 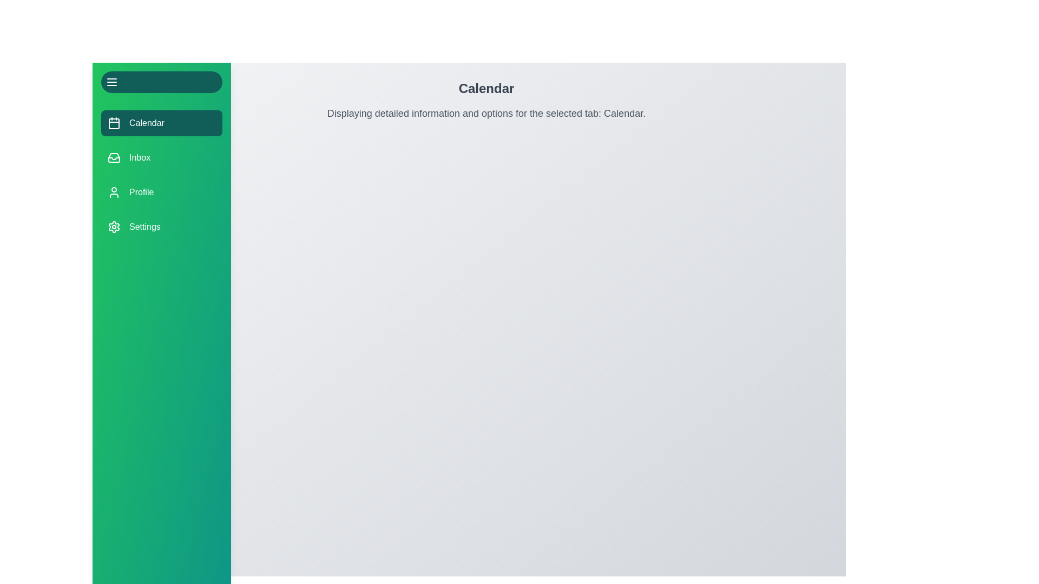 I want to click on the menu button corresponding to Profile to change the active tab, so click(x=161, y=191).